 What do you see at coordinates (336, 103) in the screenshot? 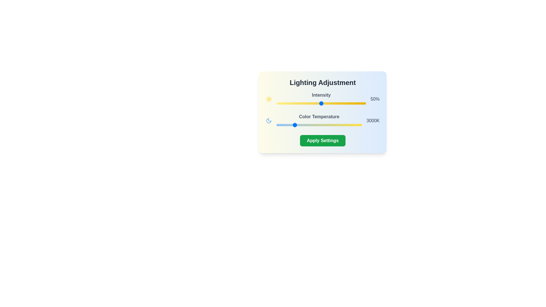
I see `the intensity slider to set the lighting intensity to 67%` at bounding box center [336, 103].